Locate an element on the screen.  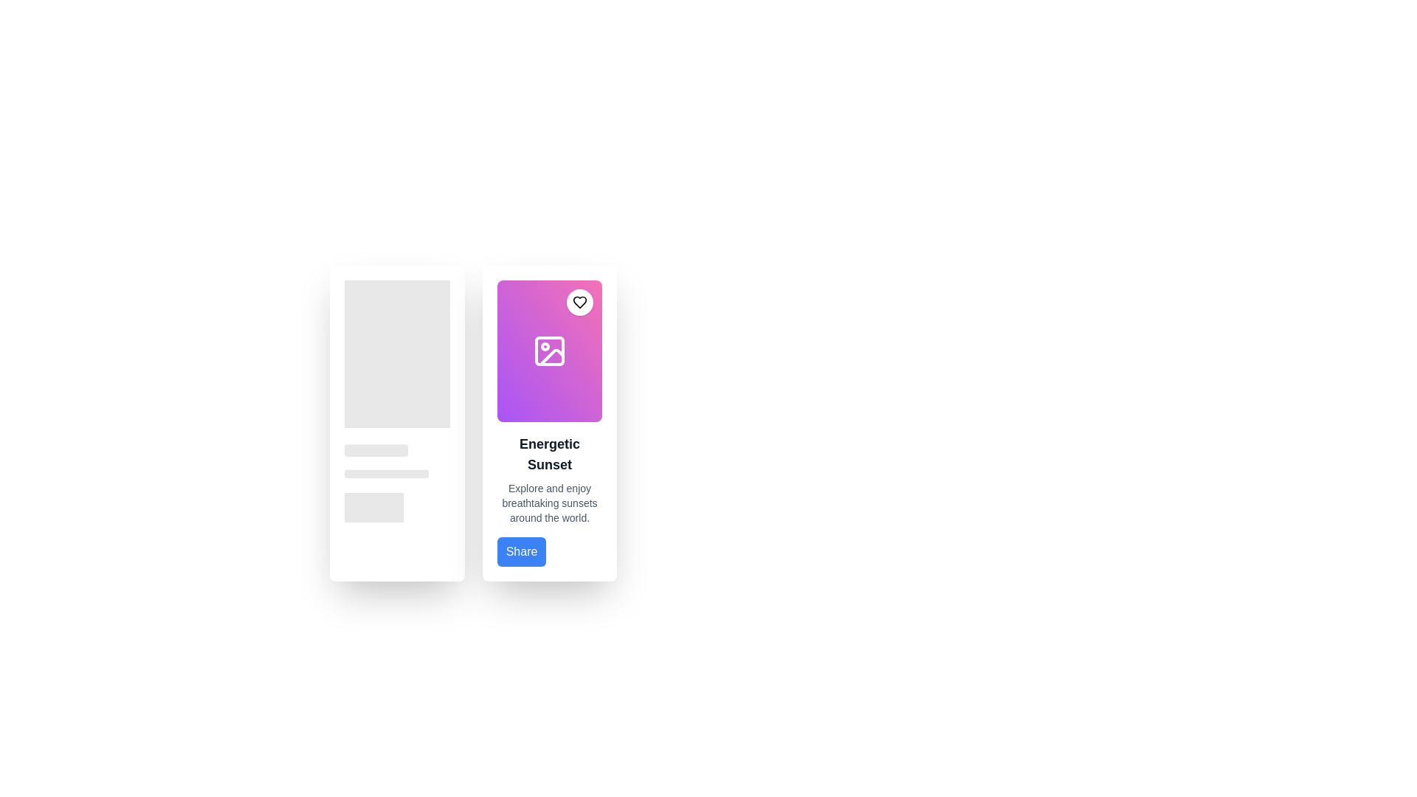
the 'Share' button with a blue background and white text, located at the bottom of the card describing 'Energetic Sunset' is located at coordinates (521, 552).